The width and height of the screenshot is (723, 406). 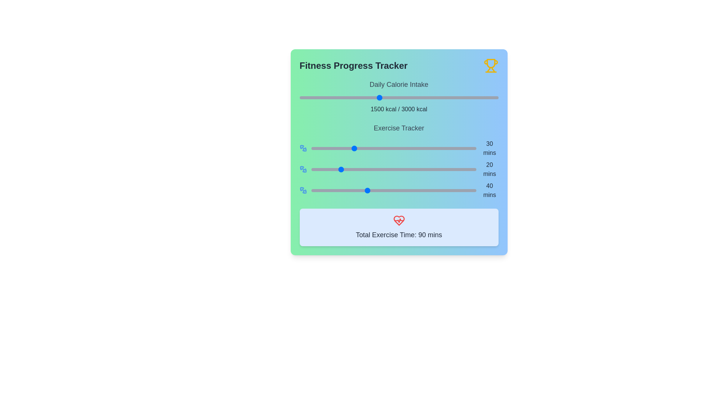 I want to click on the exercise duration slider, so click(x=458, y=170).